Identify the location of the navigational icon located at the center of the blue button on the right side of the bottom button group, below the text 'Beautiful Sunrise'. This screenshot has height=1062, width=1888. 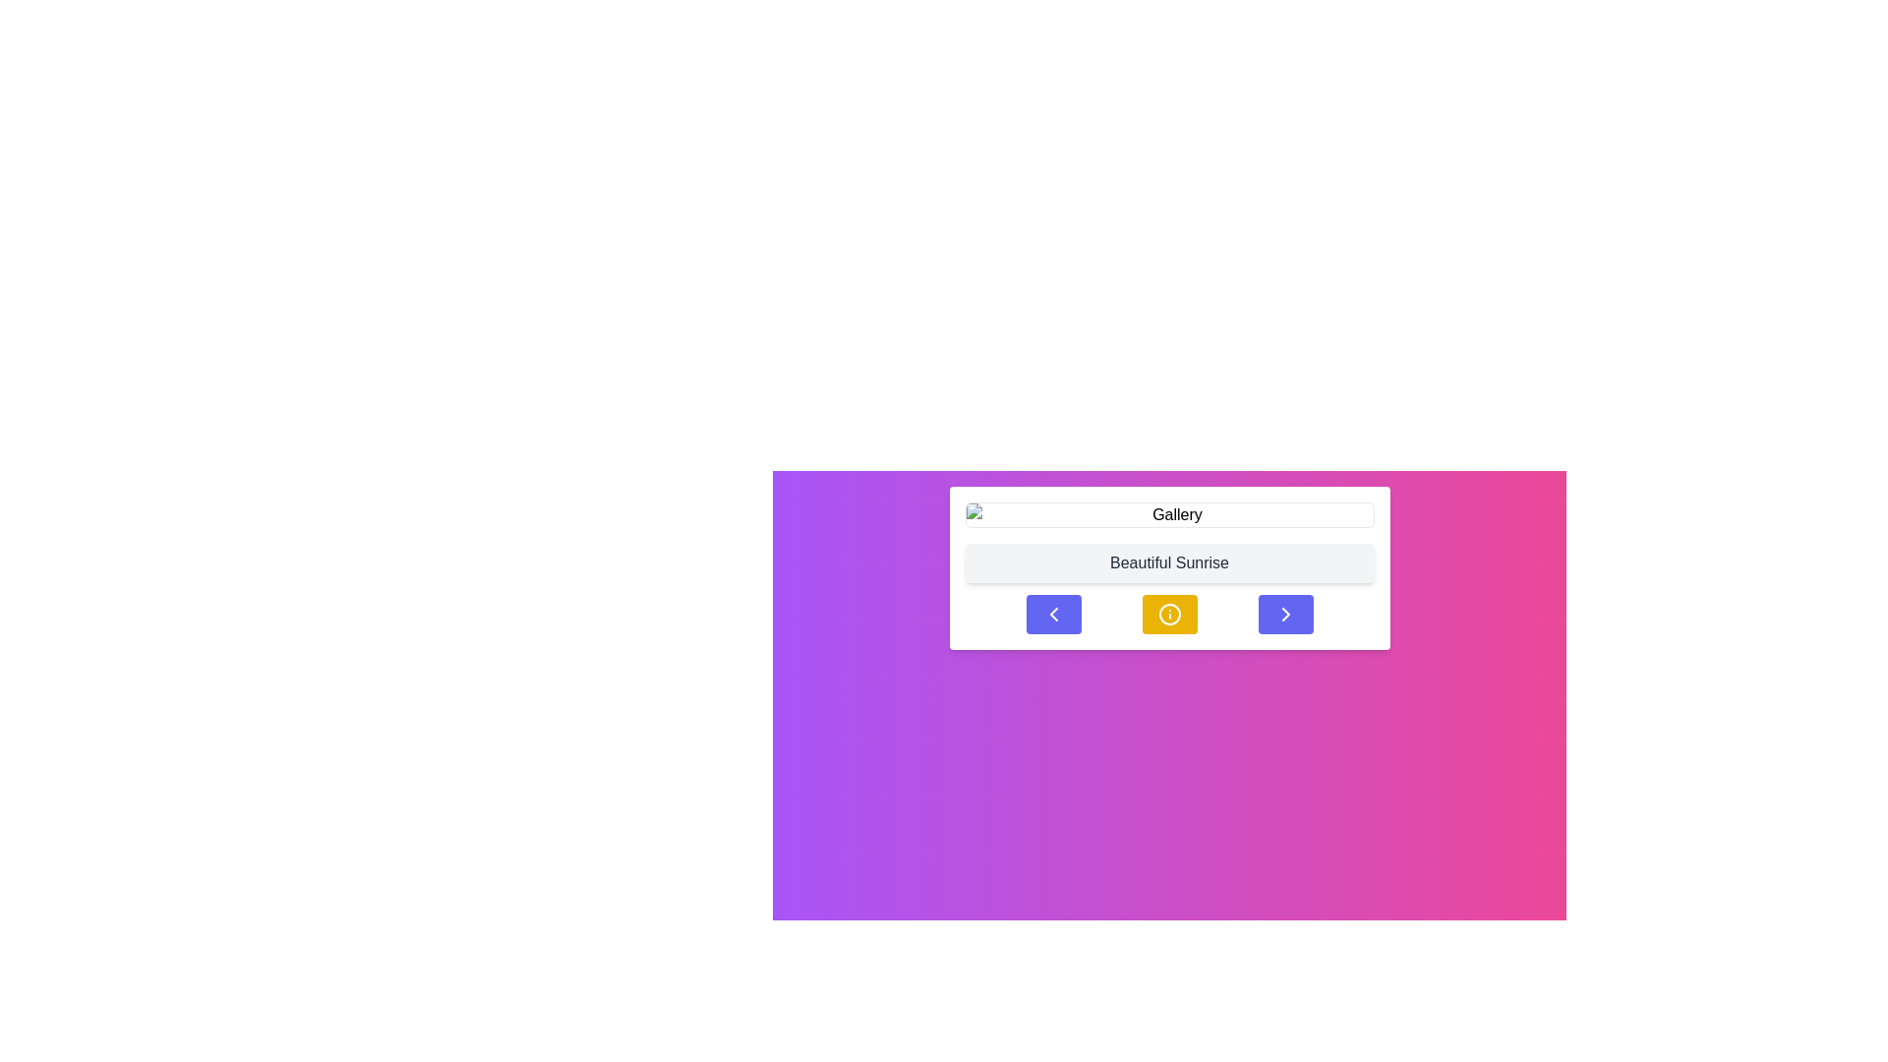
(1285, 613).